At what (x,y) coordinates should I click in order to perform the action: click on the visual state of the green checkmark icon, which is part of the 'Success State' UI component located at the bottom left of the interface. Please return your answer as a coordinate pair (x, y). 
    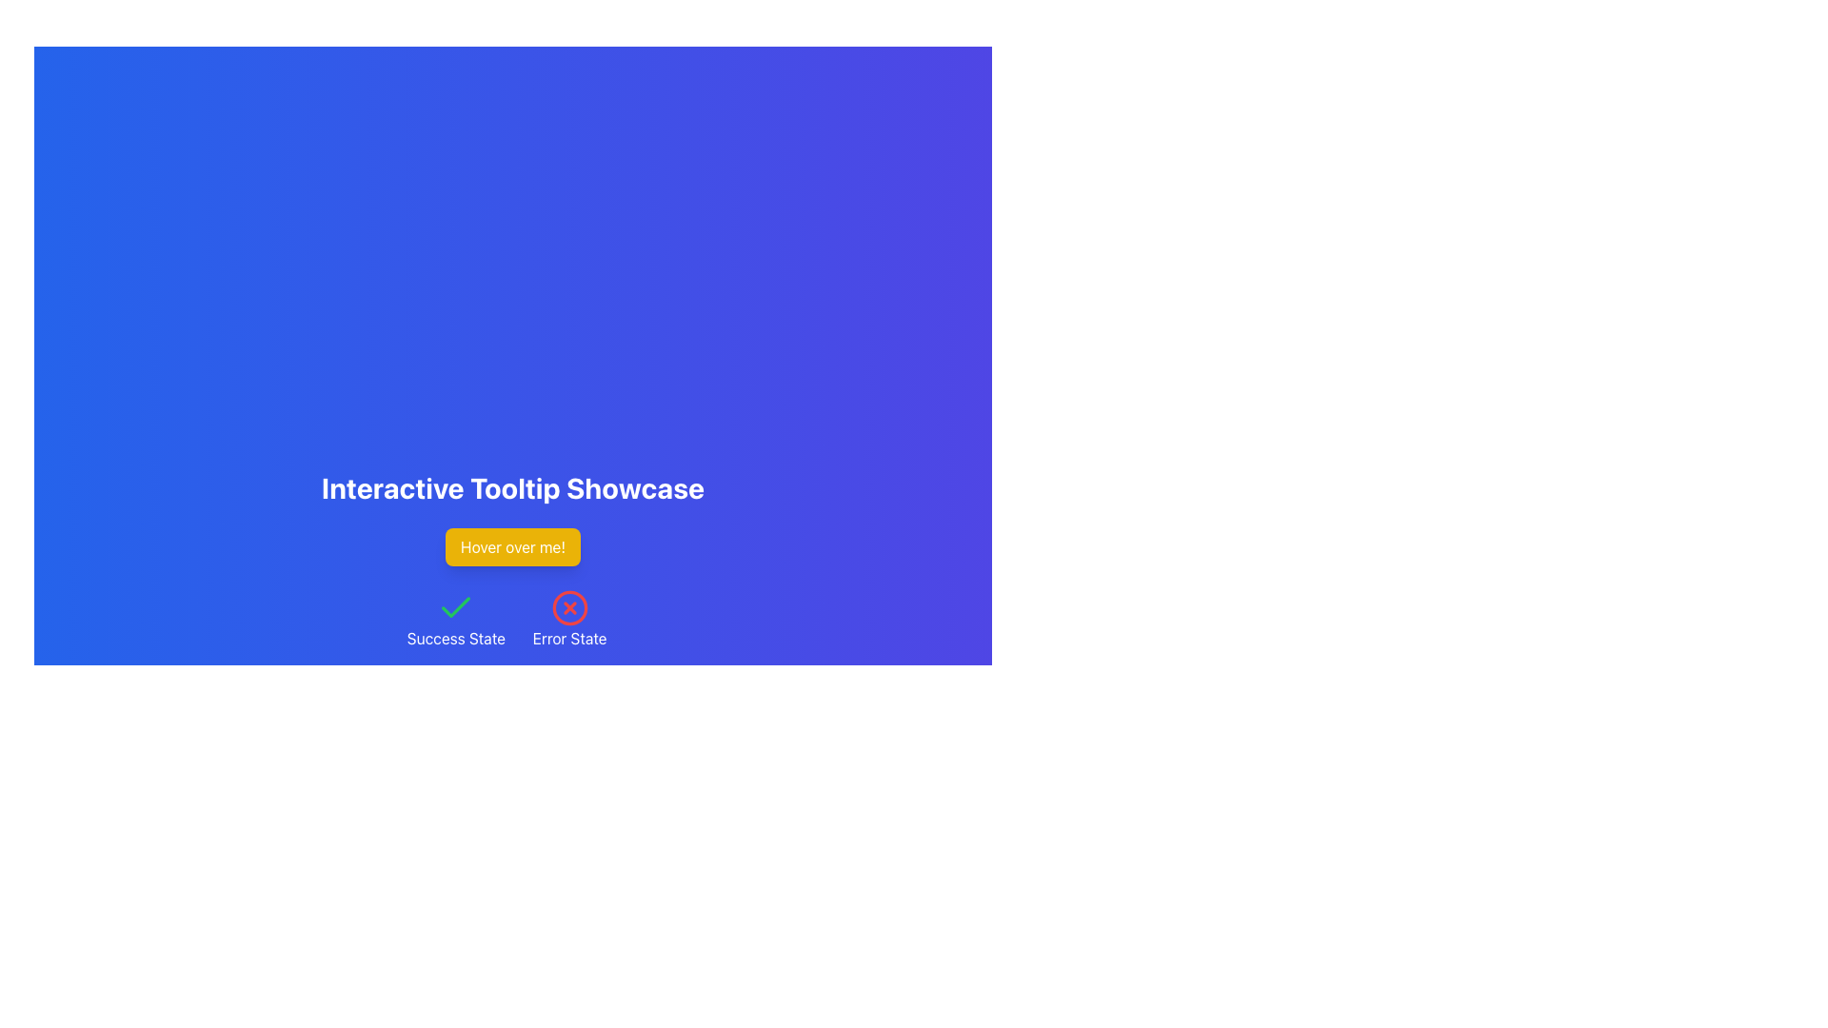
    Looking at the image, I should click on (455, 608).